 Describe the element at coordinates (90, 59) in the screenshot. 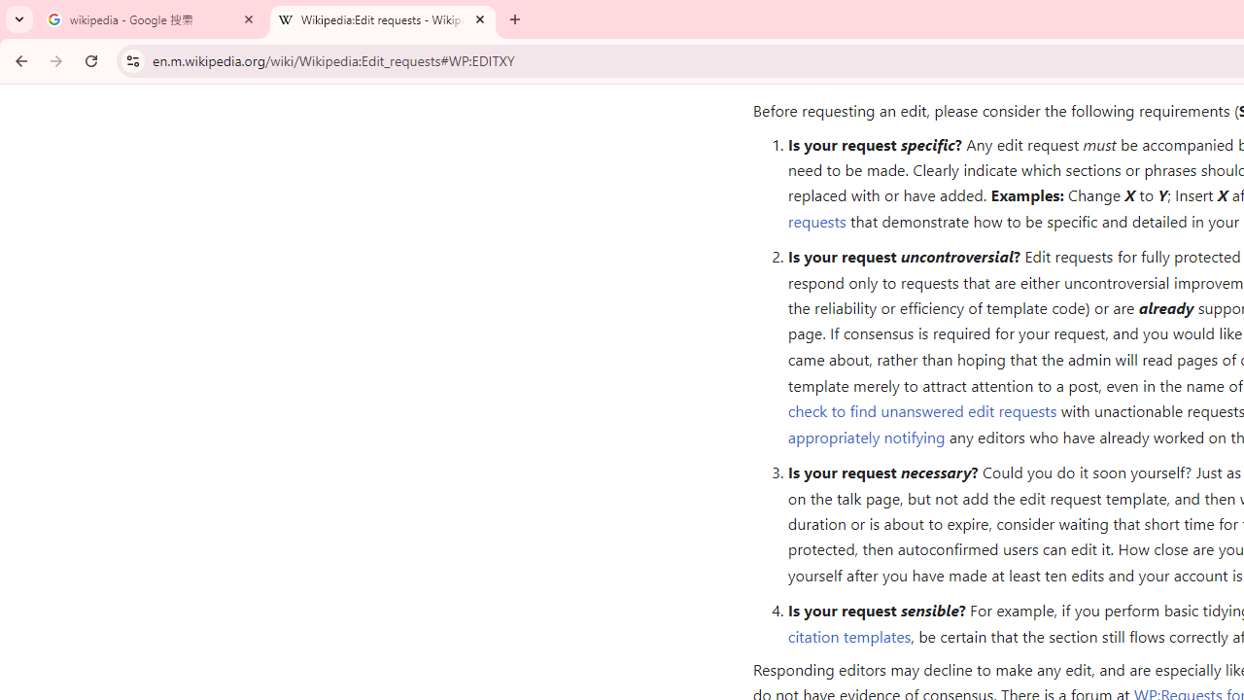

I see `'Reload'` at that location.